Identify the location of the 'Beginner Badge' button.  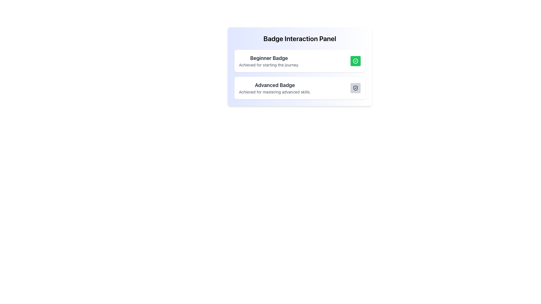
(355, 61).